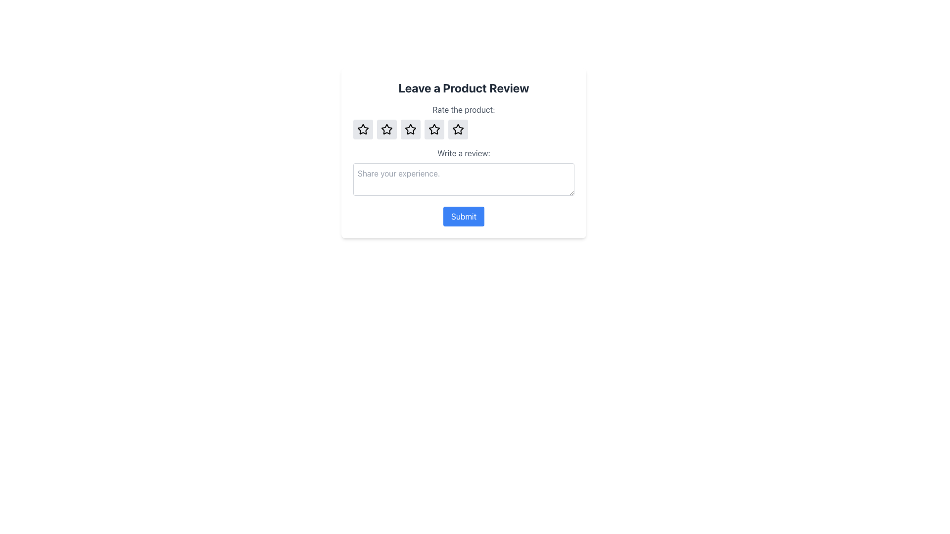 This screenshot has width=950, height=534. Describe the element at coordinates (363, 129) in the screenshot. I see `the first rating star icon located beneath the 'Rate the product:' label to provide a rating of one star` at that location.